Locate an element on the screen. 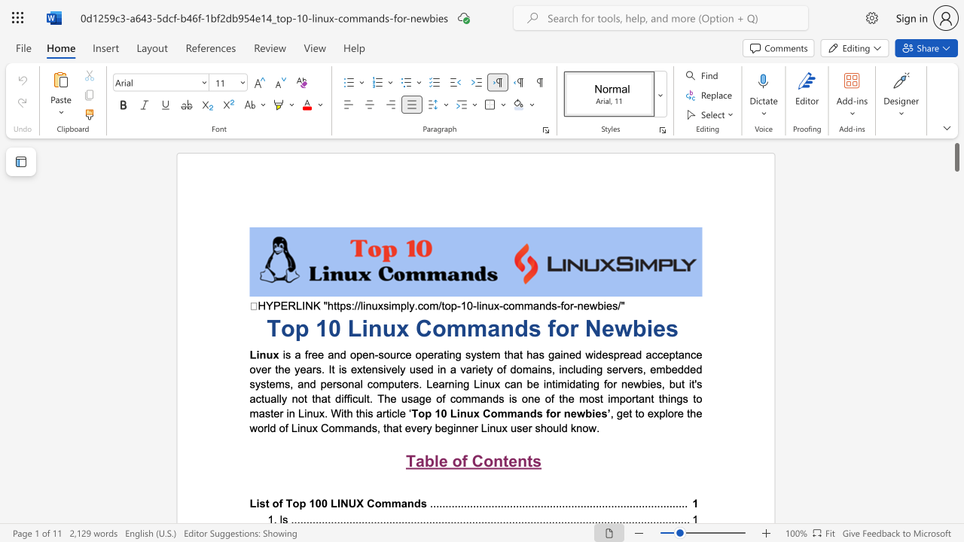 The height and width of the screenshot is (542, 964). the subset text "wbie" within the text "for newbies’" is located at coordinates (575, 413).